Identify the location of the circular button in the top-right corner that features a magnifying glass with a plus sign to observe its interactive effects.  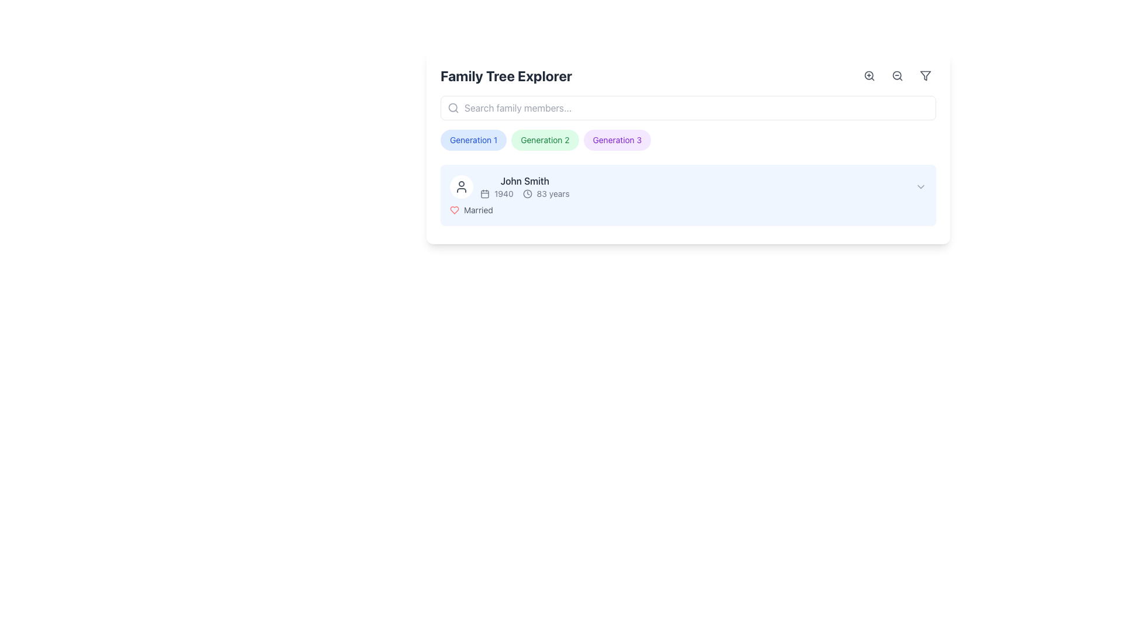
(870, 76).